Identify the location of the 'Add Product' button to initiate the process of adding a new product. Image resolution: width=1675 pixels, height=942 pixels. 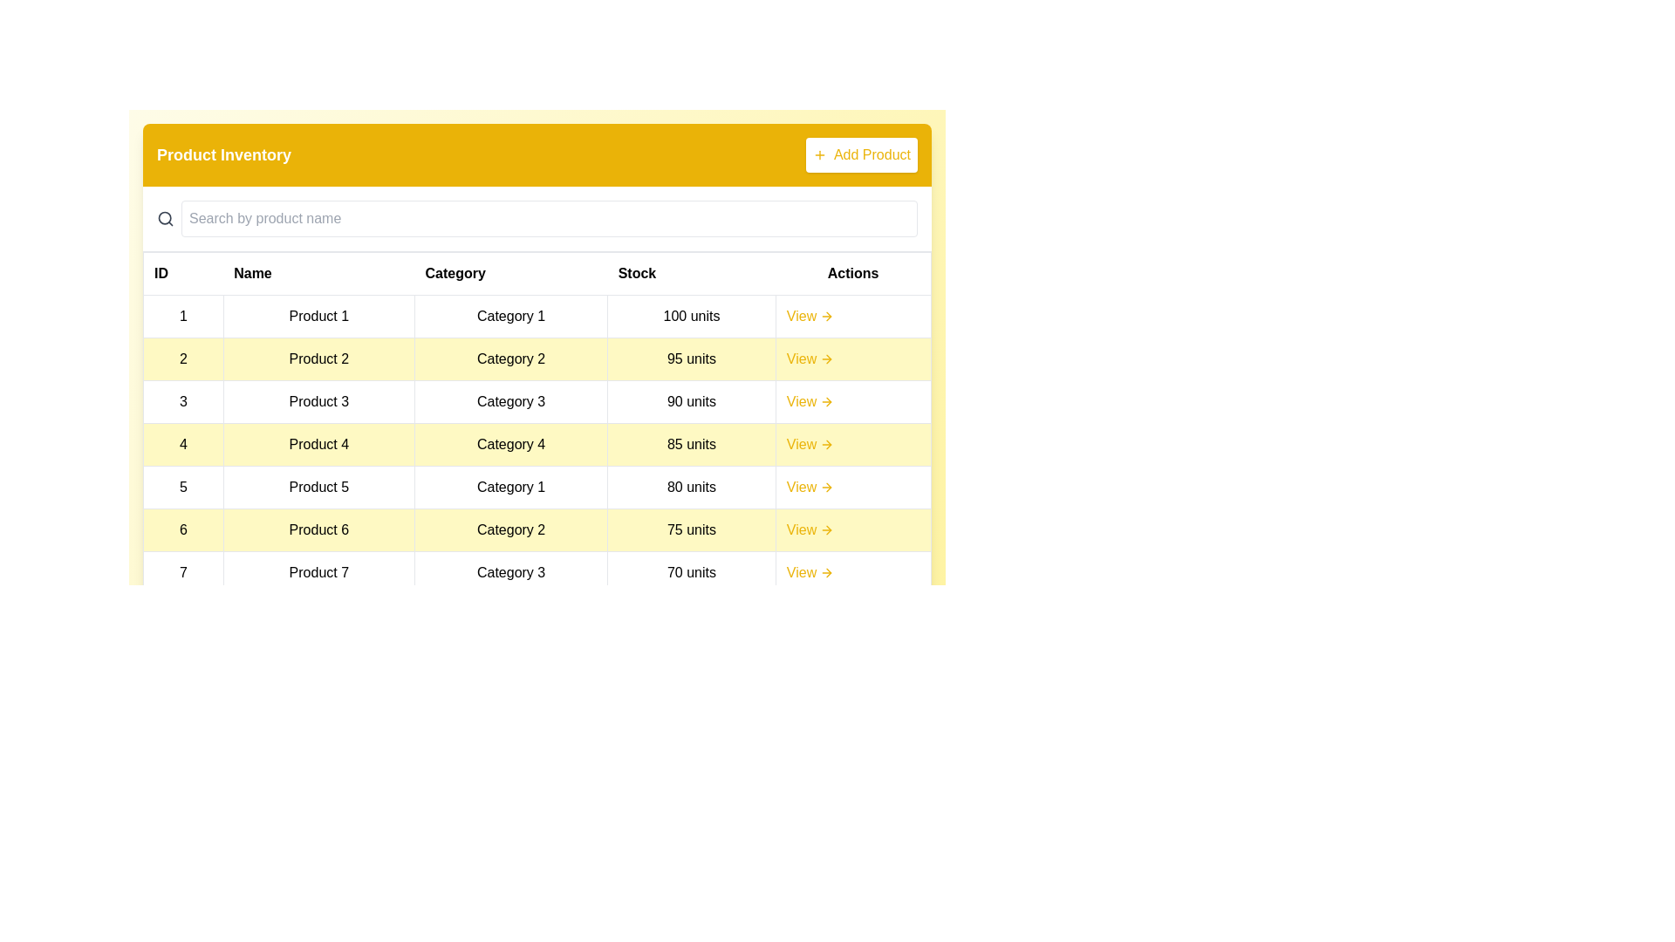
(862, 154).